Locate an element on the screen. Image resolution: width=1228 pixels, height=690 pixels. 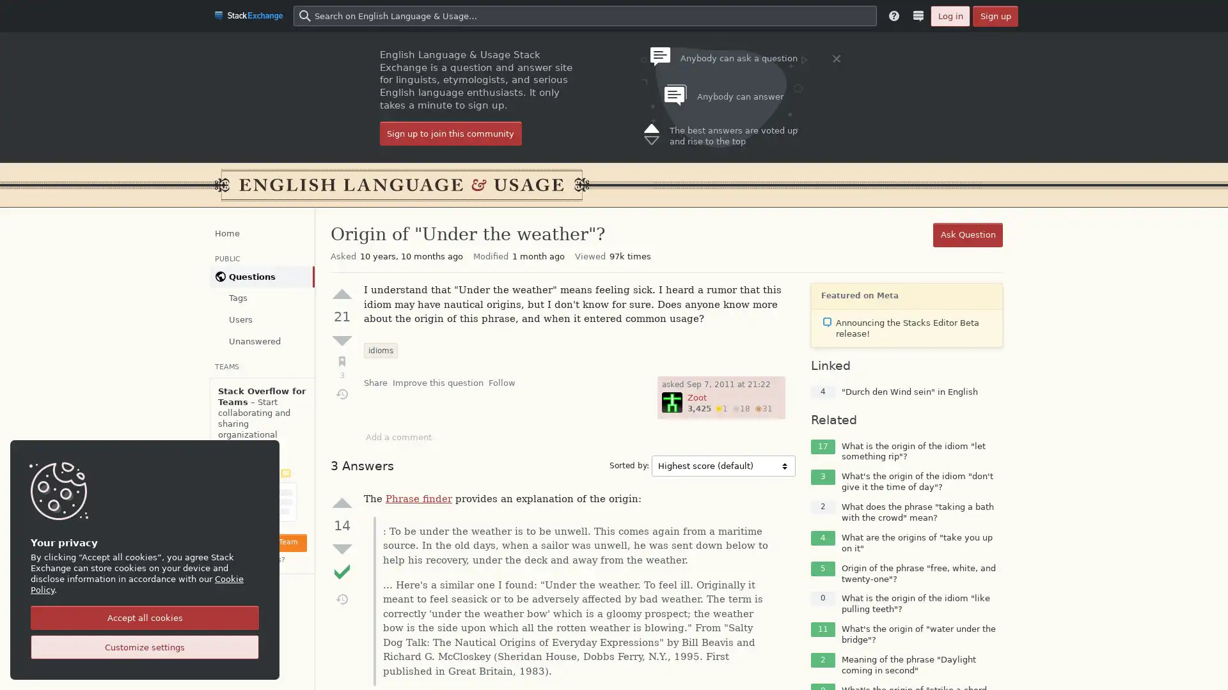
Customize settings is located at coordinates (145, 647).